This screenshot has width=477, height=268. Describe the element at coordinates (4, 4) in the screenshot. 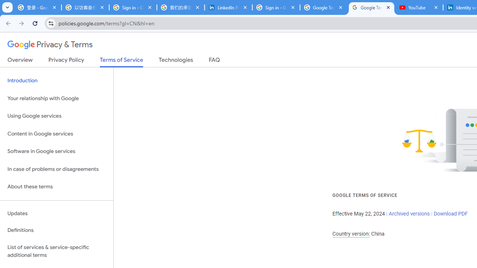

I see `'System'` at that location.